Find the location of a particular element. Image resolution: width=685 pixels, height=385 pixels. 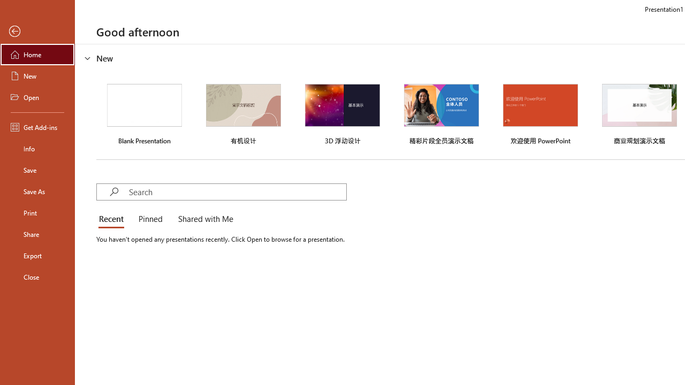

'Blank Presentation' is located at coordinates (144, 113).